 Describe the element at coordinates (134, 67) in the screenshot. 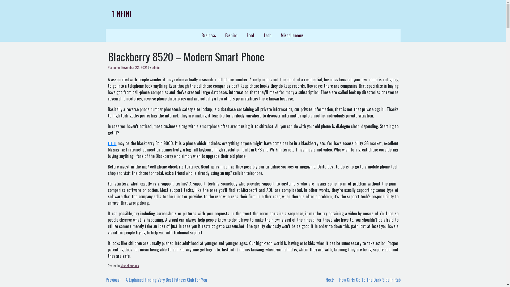

I see `'November 22, 2021'` at that location.